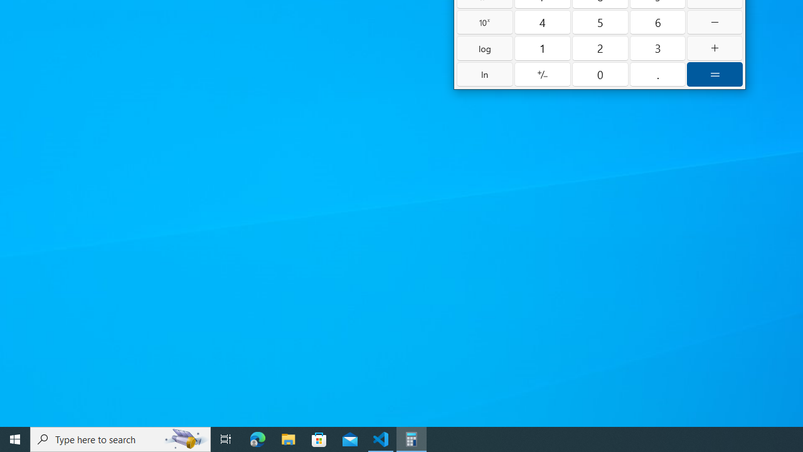 The image size is (803, 452). I want to click on 'Log', so click(484, 48).